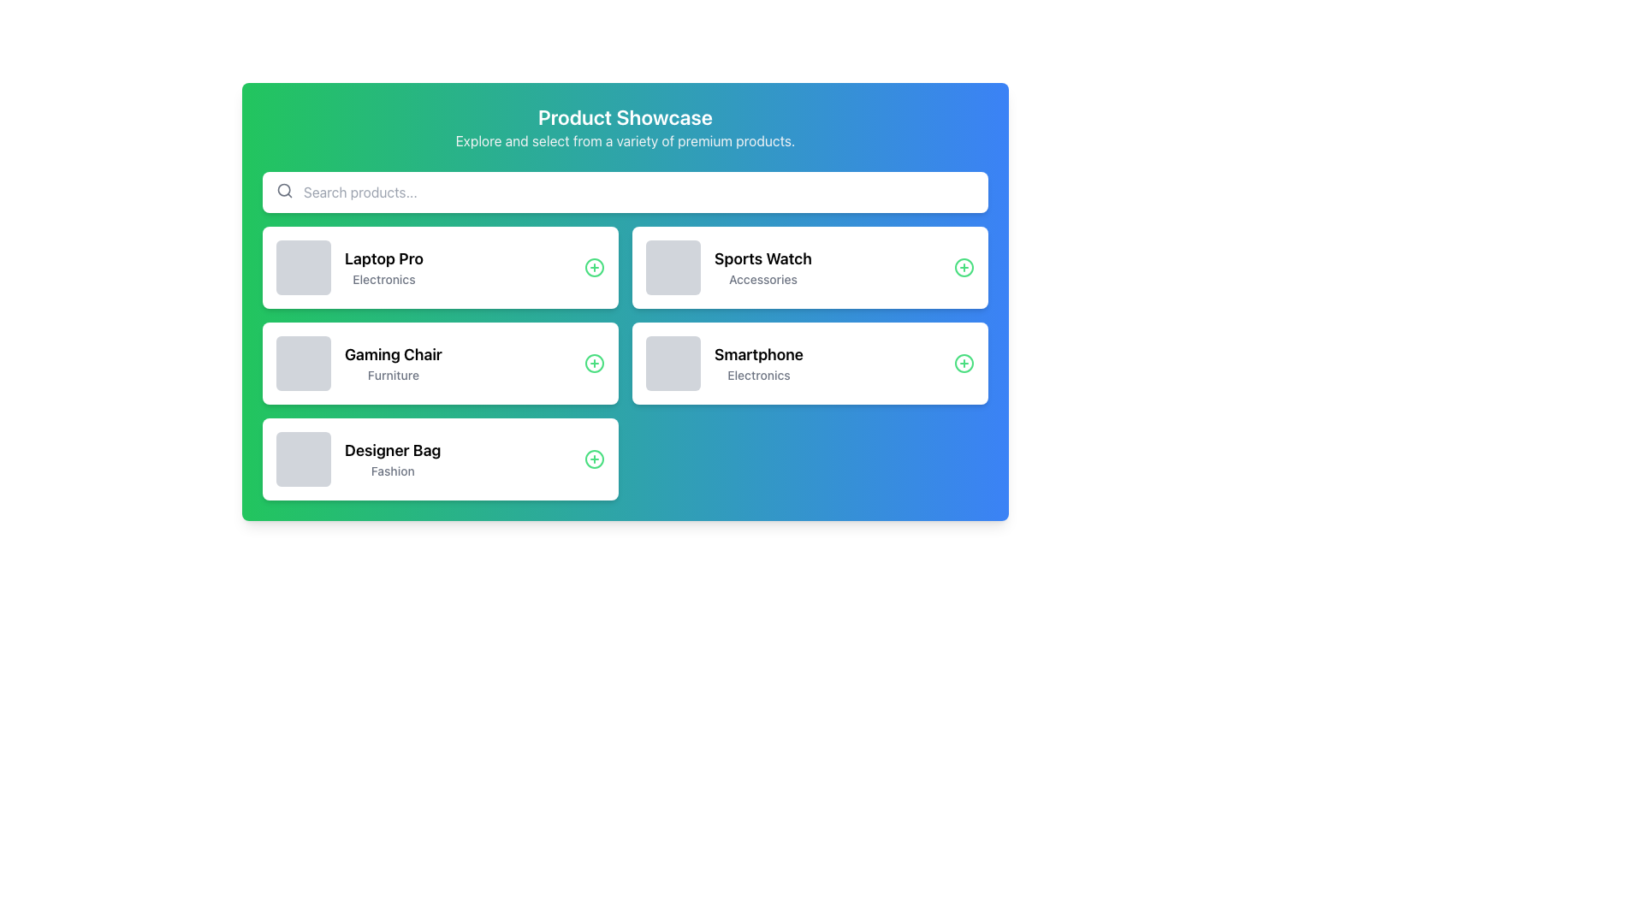 The image size is (1643, 924). What do you see at coordinates (758, 362) in the screenshot?
I see `the text block displaying 'Smartphone' and 'Electronics'` at bounding box center [758, 362].